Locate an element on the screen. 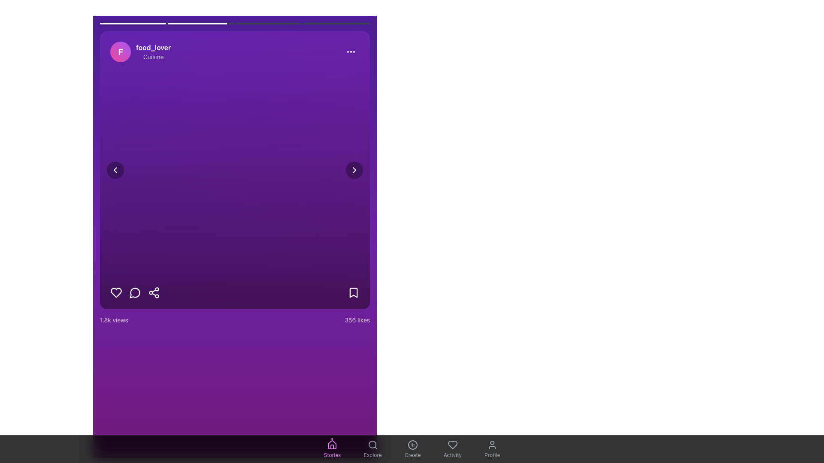  the second navigation button located on the right side of the layout, which is used for transitioning to the next item in a carousel or slideshow is located at coordinates (354, 170).